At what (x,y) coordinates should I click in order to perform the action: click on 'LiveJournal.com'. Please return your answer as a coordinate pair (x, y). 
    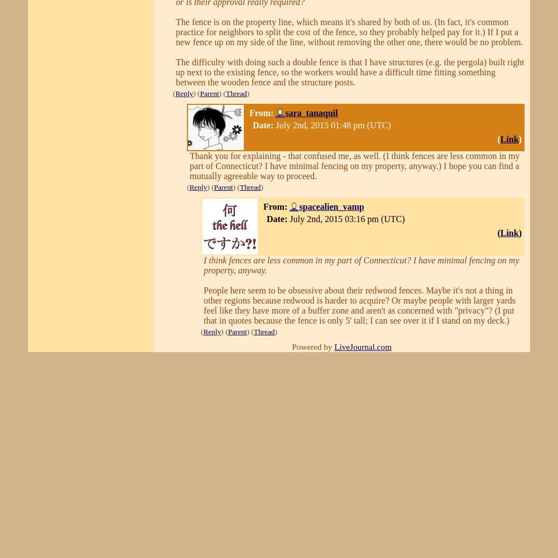
    Looking at the image, I should click on (363, 346).